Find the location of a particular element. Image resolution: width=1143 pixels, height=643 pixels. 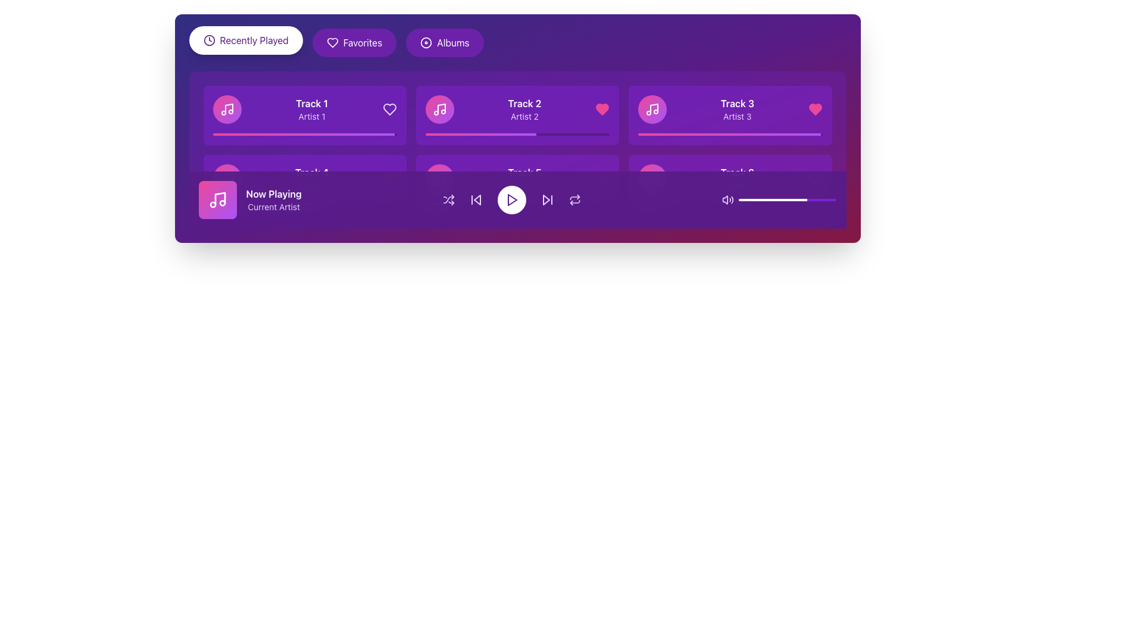

the volume level is located at coordinates (778, 199).